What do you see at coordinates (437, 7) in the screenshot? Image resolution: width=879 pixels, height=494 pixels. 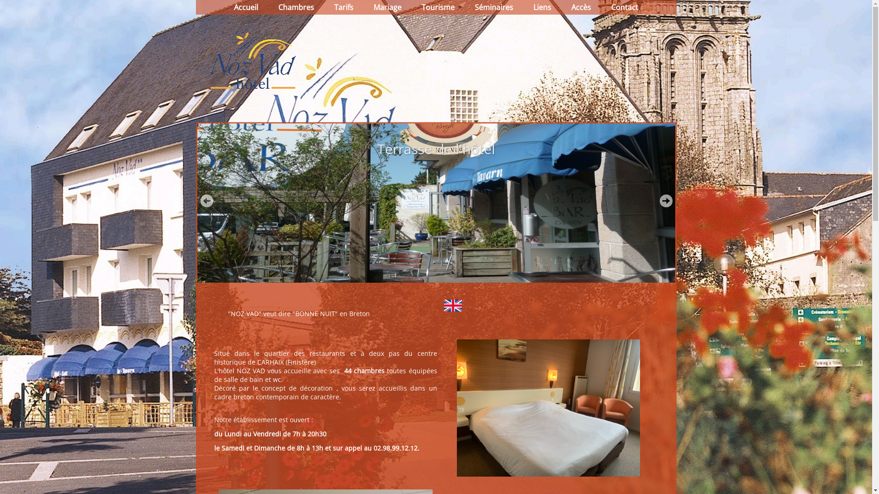 I see `'Tourisme'` at bounding box center [437, 7].